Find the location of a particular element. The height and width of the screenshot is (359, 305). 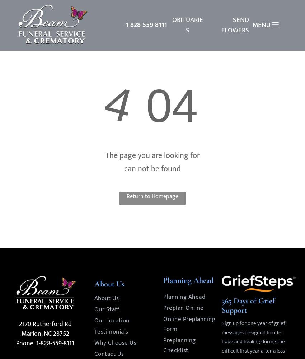

'Phone:' is located at coordinates (25, 343).